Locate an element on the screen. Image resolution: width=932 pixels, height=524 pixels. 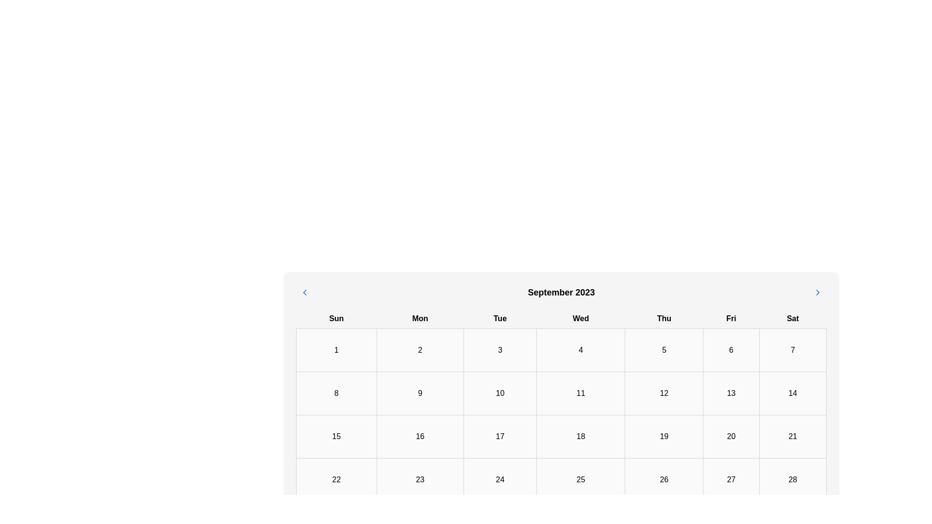
the calendar cell representing the day '18' is located at coordinates (581, 436).